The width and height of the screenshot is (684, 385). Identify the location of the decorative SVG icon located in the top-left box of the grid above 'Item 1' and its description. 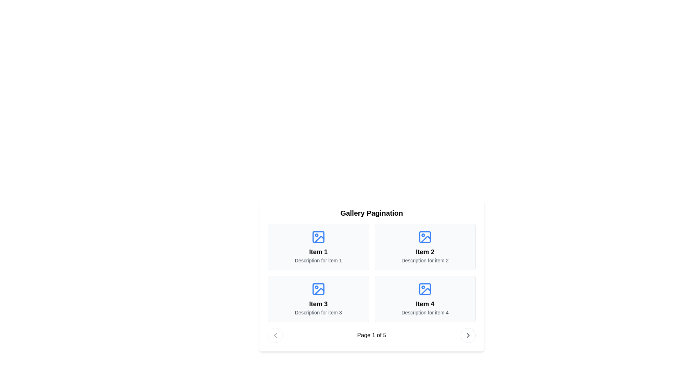
(318, 237).